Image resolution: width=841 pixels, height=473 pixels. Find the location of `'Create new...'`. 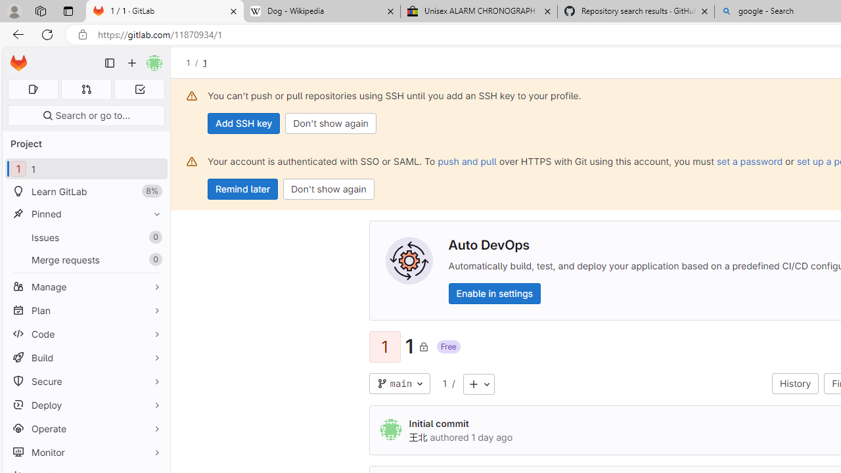

'Create new...' is located at coordinates (132, 63).